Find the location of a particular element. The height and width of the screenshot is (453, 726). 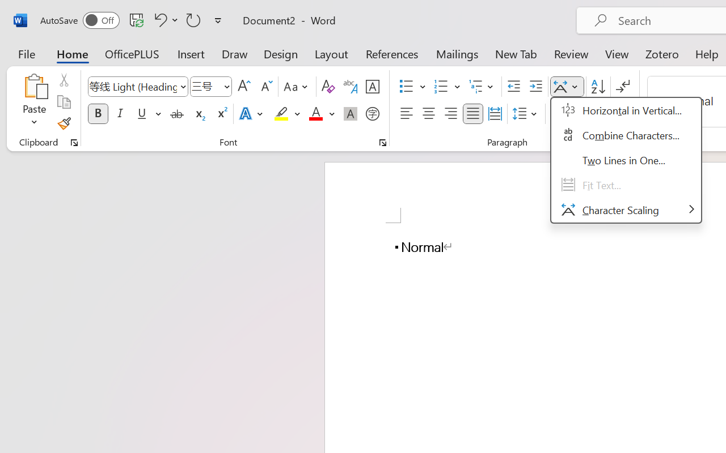

'Quick Access Toolbar' is located at coordinates (133, 20).